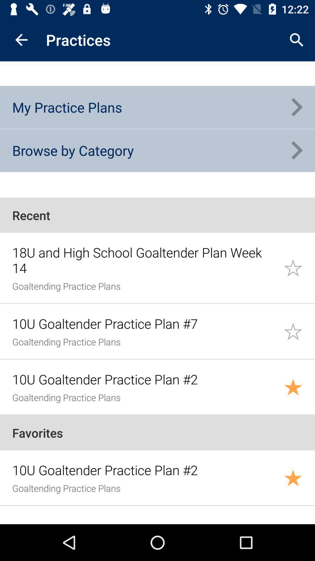 The height and width of the screenshot is (561, 315). I want to click on added to favorites, so click(299, 478).